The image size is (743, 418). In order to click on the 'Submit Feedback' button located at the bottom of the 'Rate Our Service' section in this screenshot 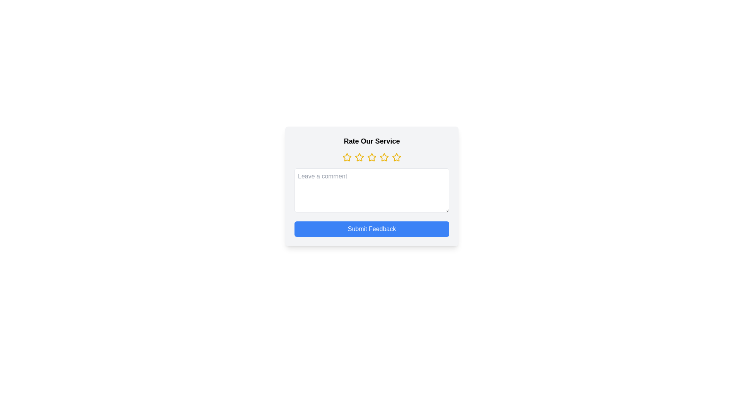, I will do `click(371, 228)`.